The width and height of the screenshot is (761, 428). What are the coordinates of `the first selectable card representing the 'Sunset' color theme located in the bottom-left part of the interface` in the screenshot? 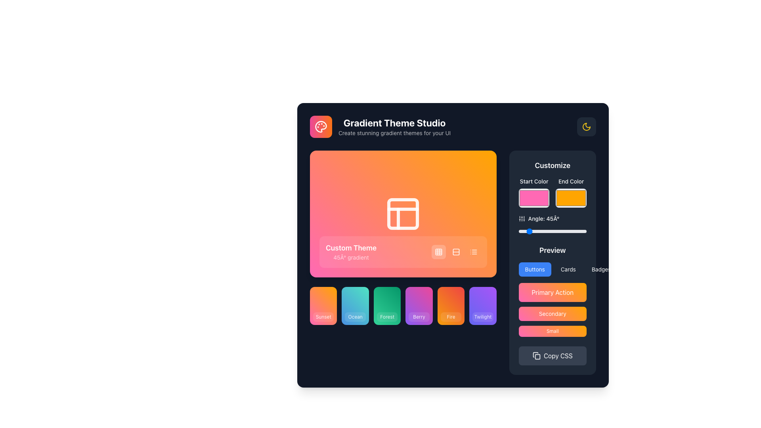 It's located at (323, 305).